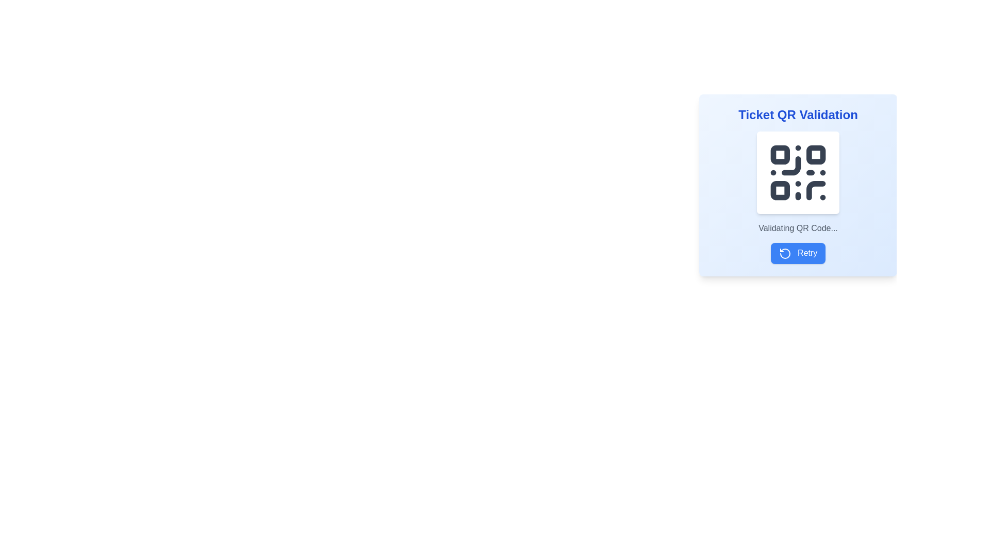 The width and height of the screenshot is (990, 557). I want to click on the blue 'Retry' button with a white arrow icon, so click(798, 253).